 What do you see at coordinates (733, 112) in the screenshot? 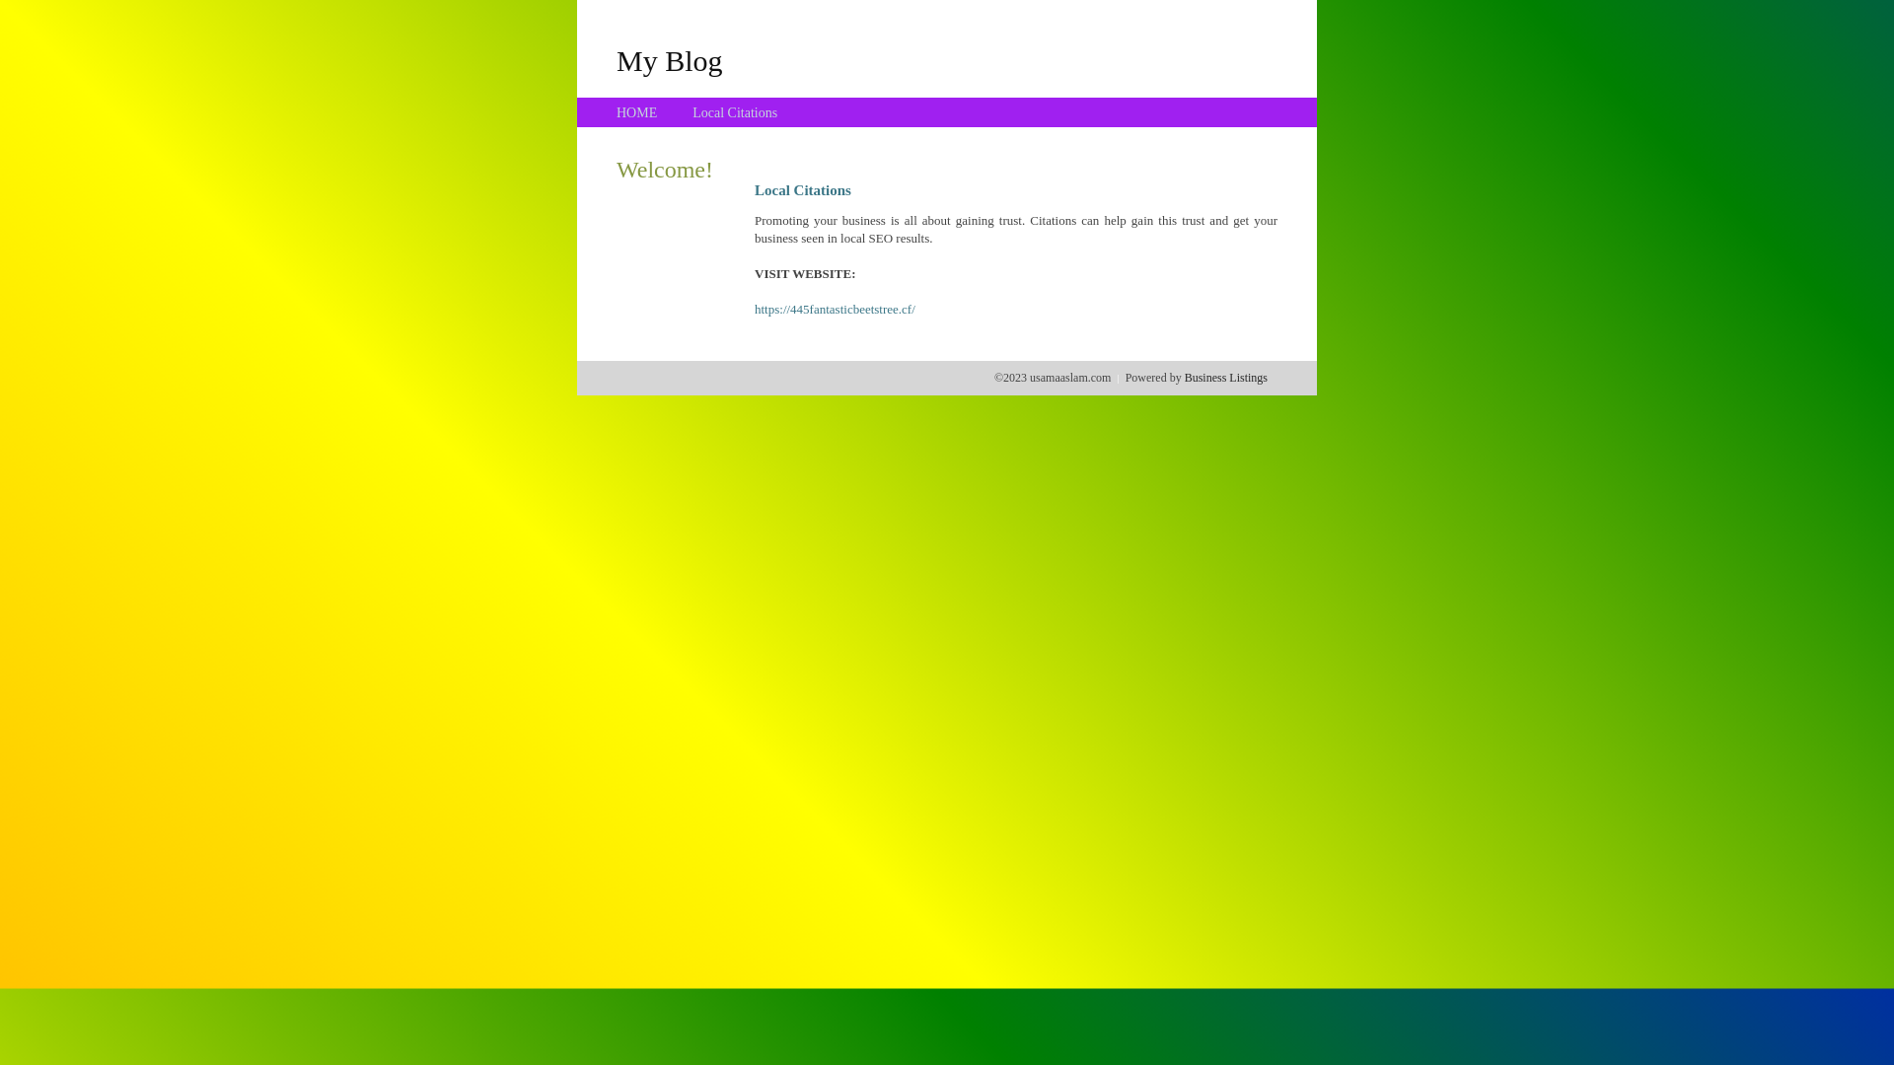
I see `'Local Citations'` at bounding box center [733, 112].